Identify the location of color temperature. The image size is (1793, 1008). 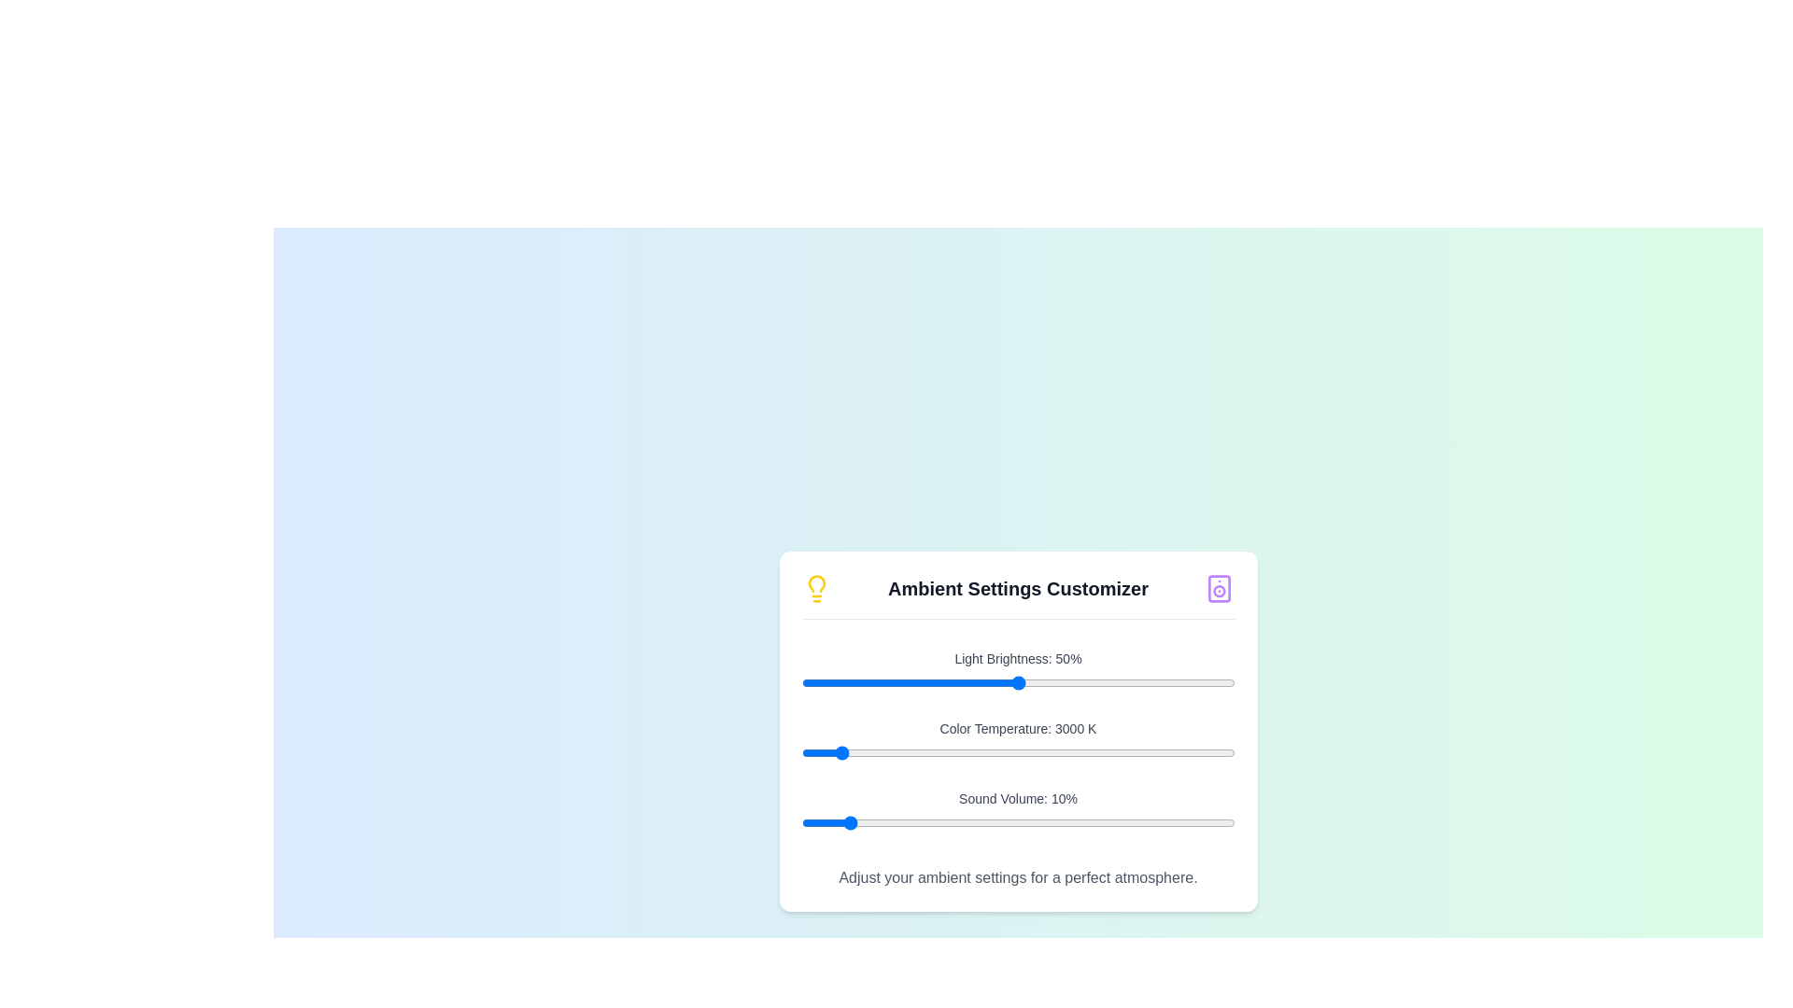
(873, 751).